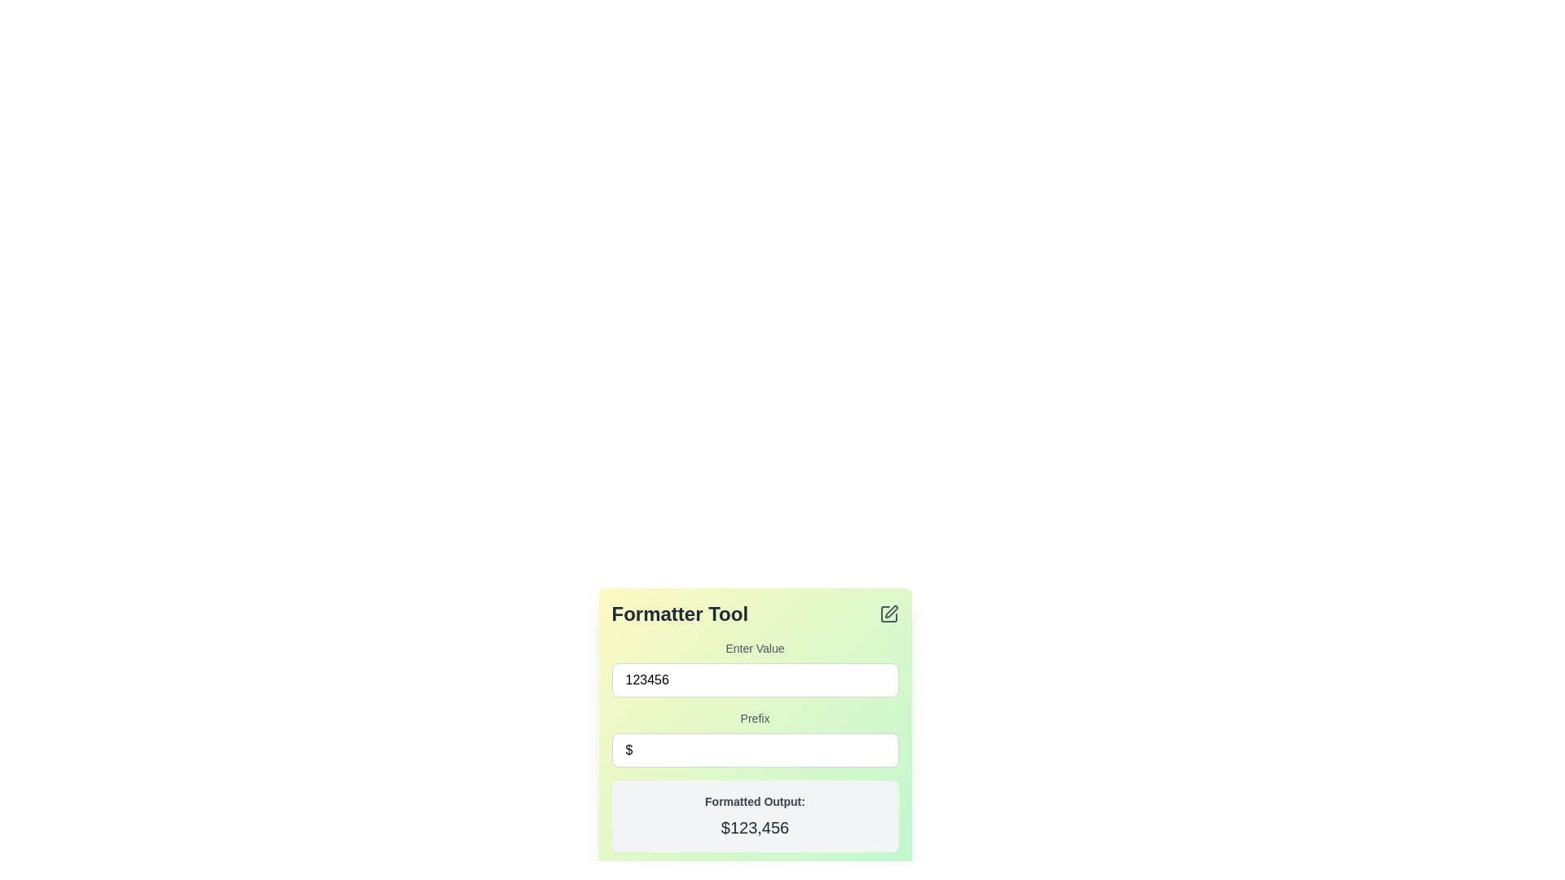  What do you see at coordinates (754, 750) in the screenshot?
I see `text within the single-line text input field that displays a dollar sign ('$') at the start, located below the 'Prefix' label and above the output display box` at bounding box center [754, 750].